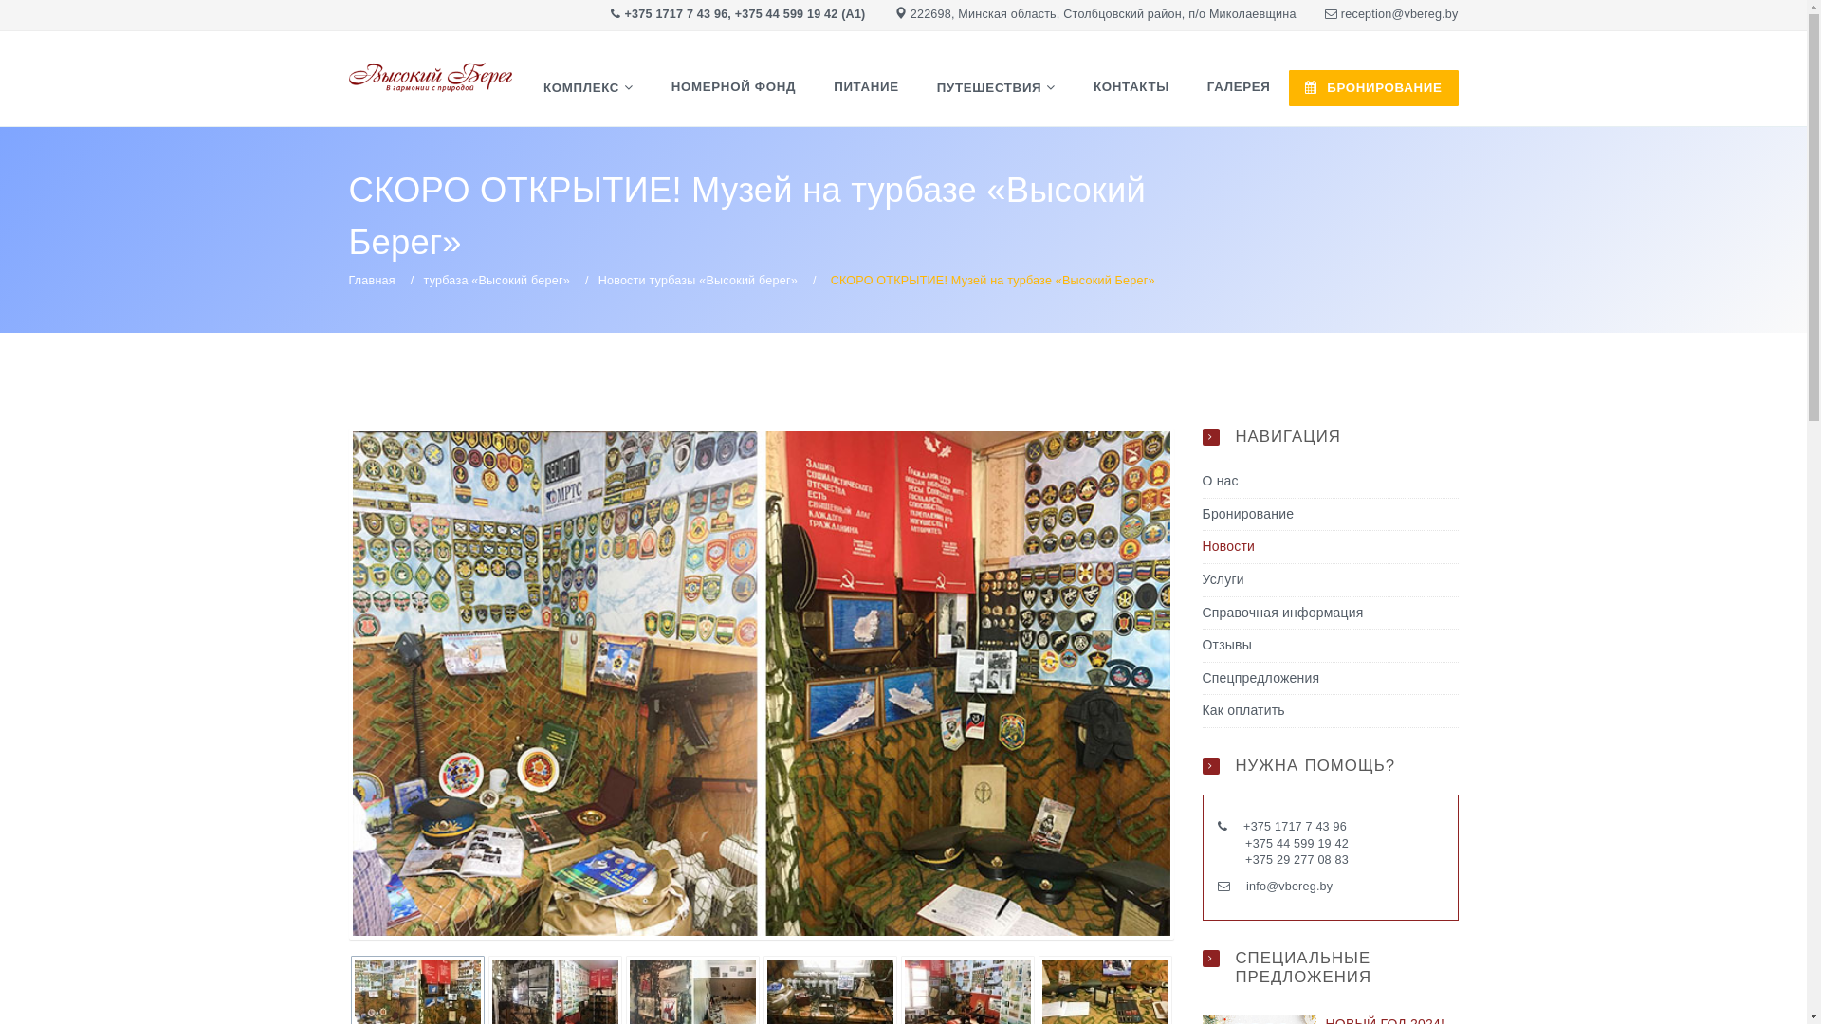  What do you see at coordinates (1296, 825) in the screenshot?
I see `'+375 1717 7 43 96 '` at bounding box center [1296, 825].